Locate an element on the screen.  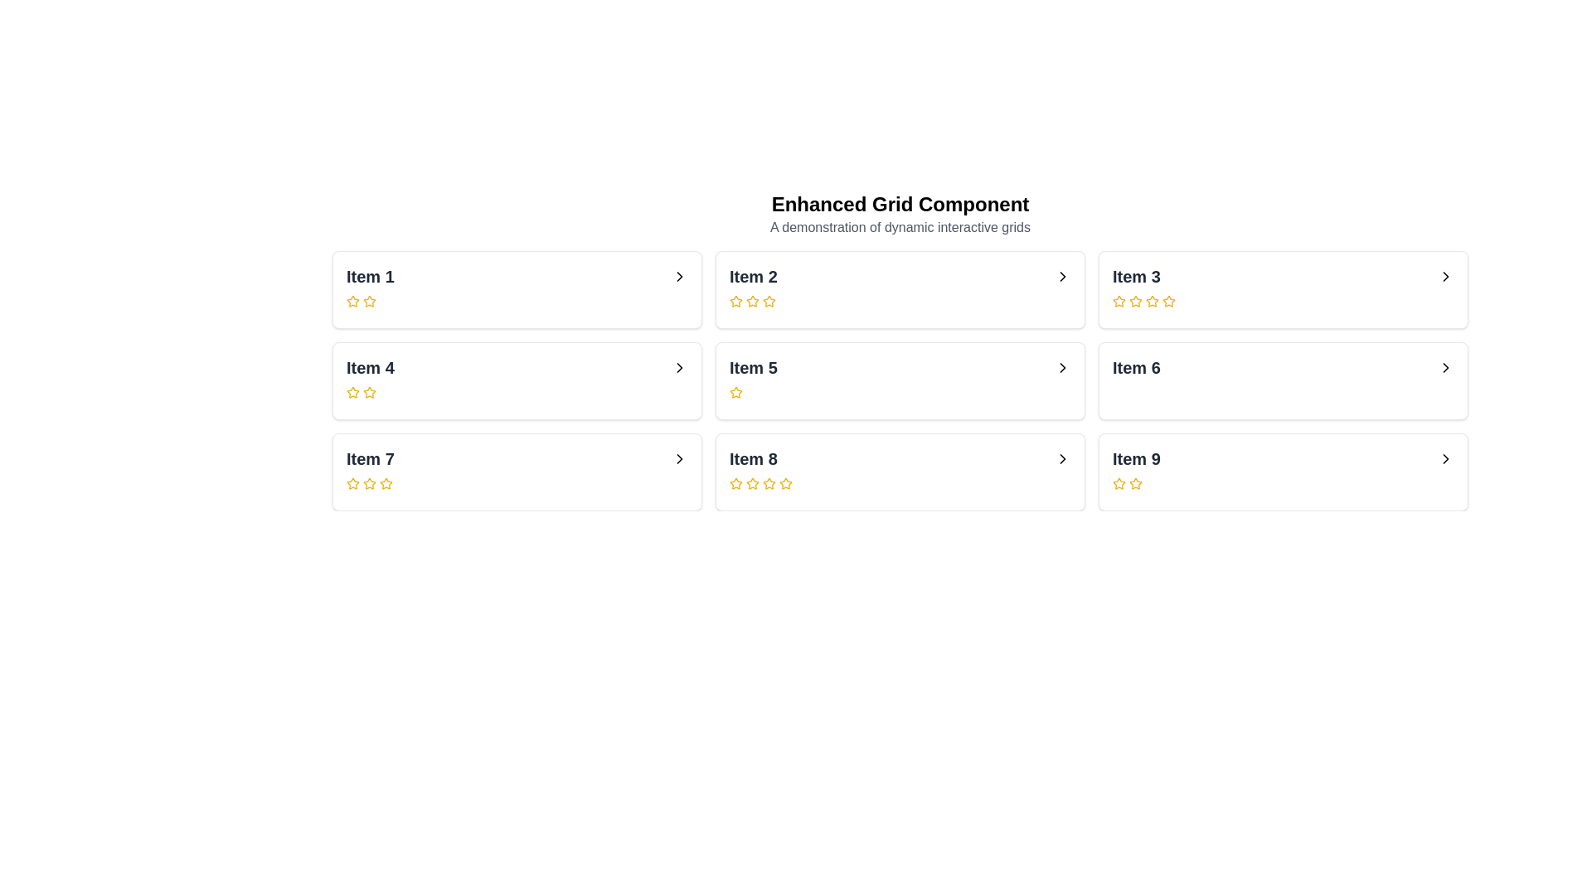
the star-shaped icon filled with yellow color is located at coordinates (352, 392).